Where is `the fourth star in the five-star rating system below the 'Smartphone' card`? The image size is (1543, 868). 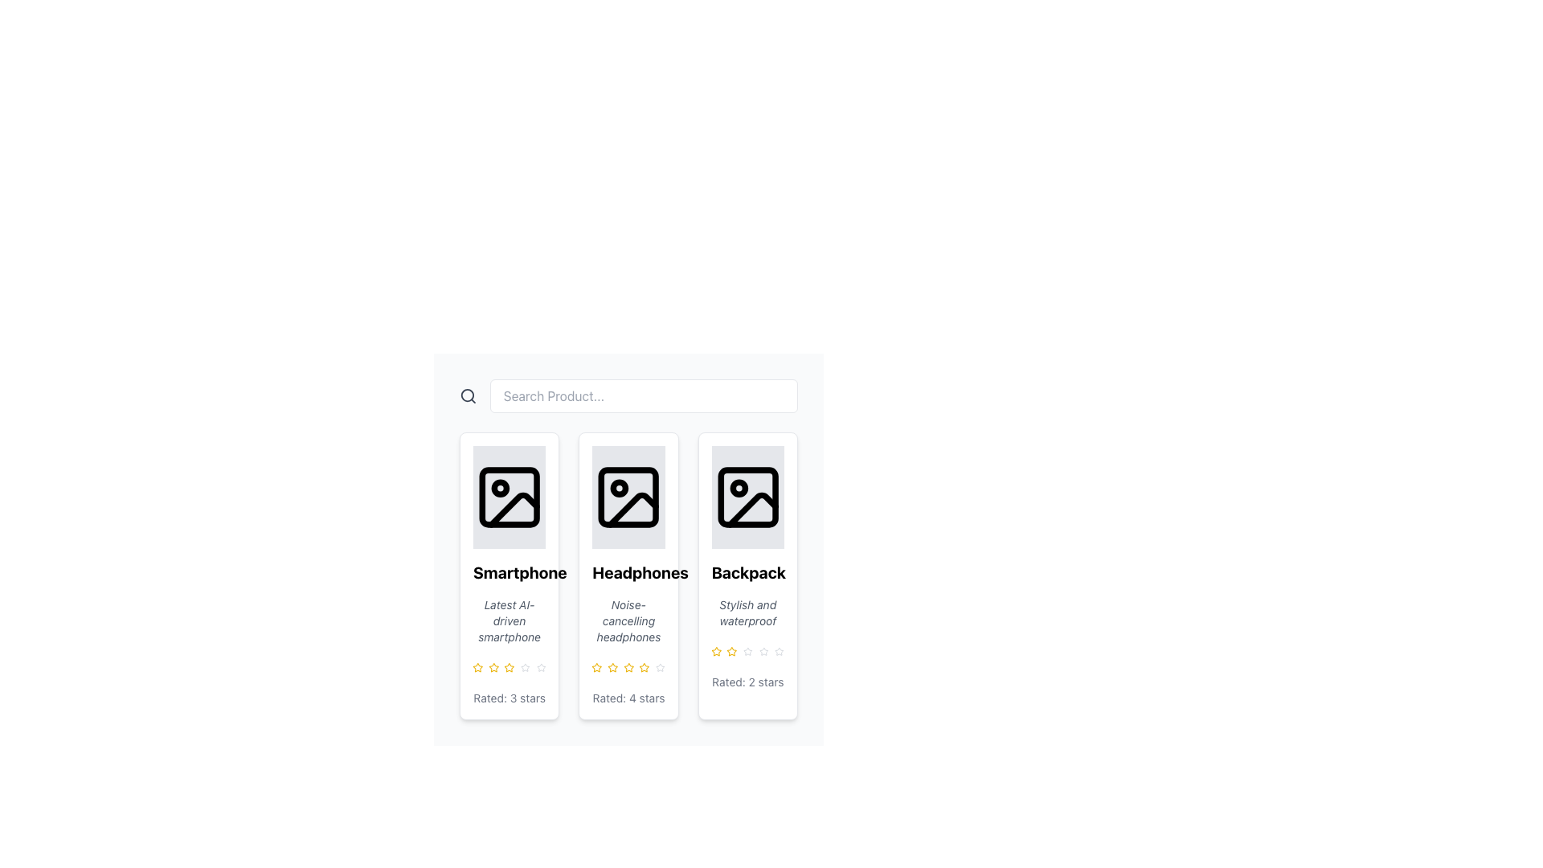 the fourth star in the five-star rating system below the 'Smartphone' card is located at coordinates (525, 667).